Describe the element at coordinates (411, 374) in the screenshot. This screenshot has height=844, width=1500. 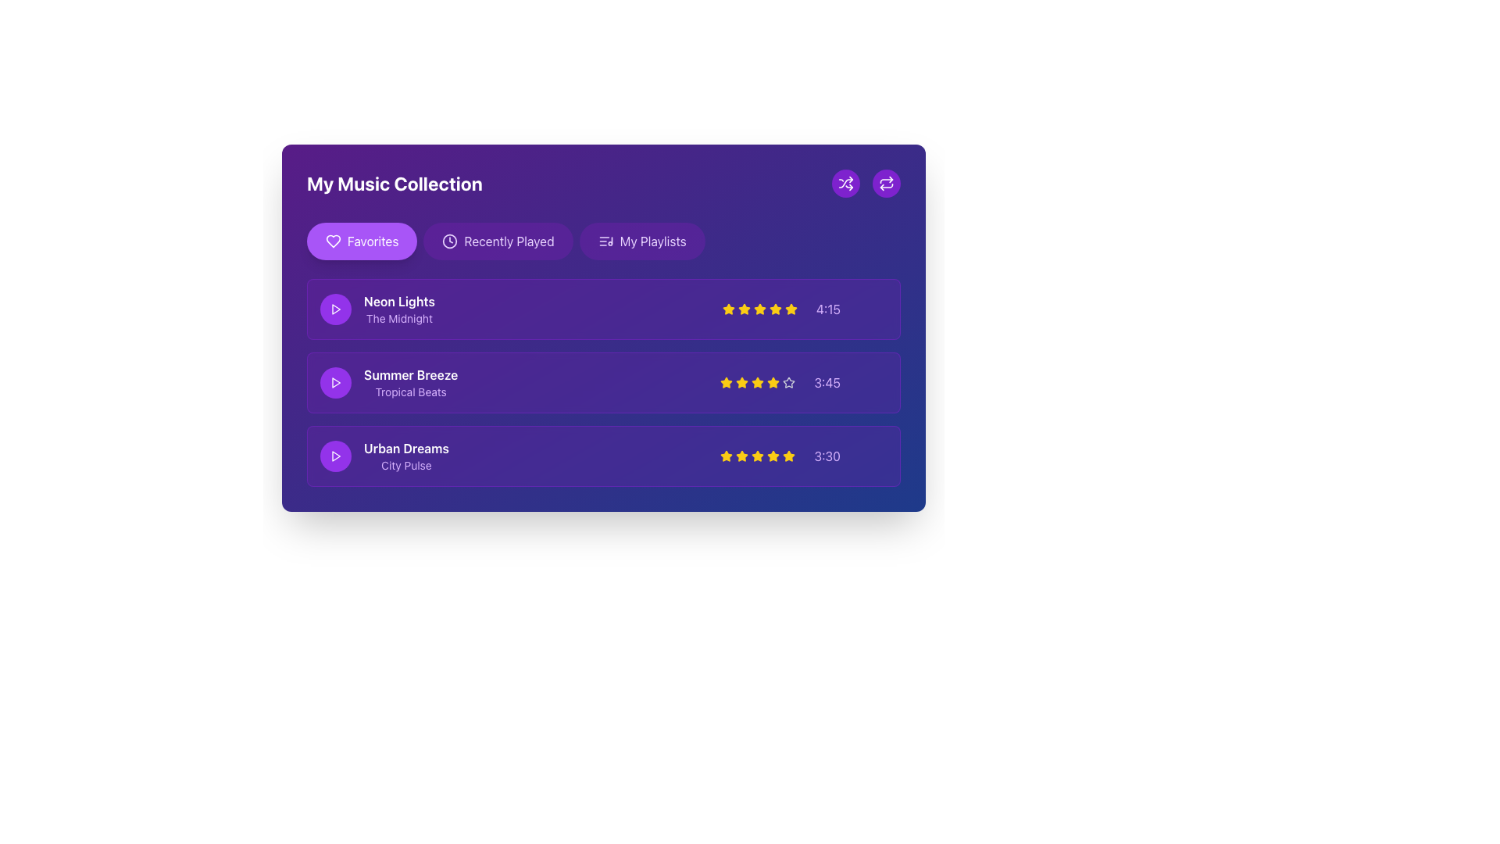
I see `the text label indicating the playlist title 'Summer BreezeTropical Beats'` at that location.